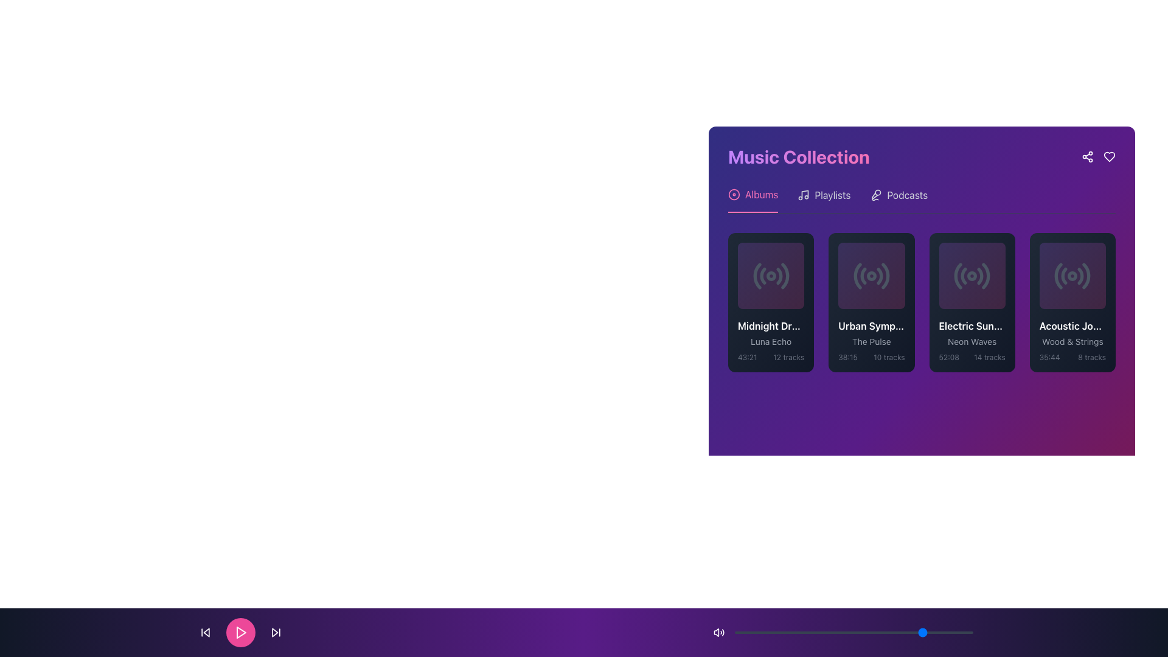 Image resolution: width=1168 pixels, height=657 pixels. What do you see at coordinates (1092, 357) in the screenshot?
I see `the text label displaying the number of tracks associated with the 'Acoustic Journeys' music collection, located at the bottom-right corner of the music card` at bounding box center [1092, 357].